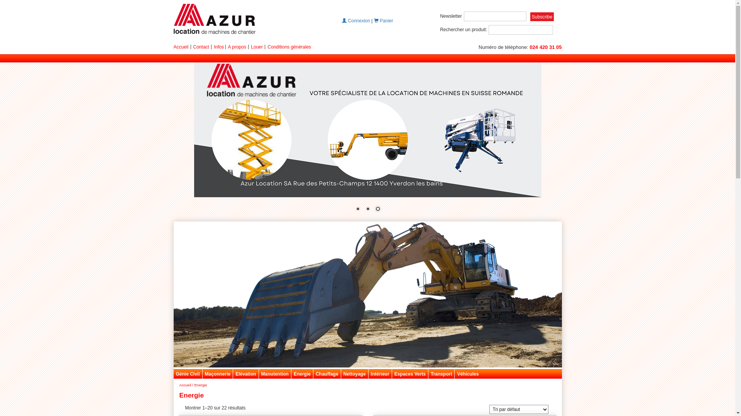 Image resolution: width=741 pixels, height=416 pixels. What do you see at coordinates (218, 47) in the screenshot?
I see `'Infos'` at bounding box center [218, 47].